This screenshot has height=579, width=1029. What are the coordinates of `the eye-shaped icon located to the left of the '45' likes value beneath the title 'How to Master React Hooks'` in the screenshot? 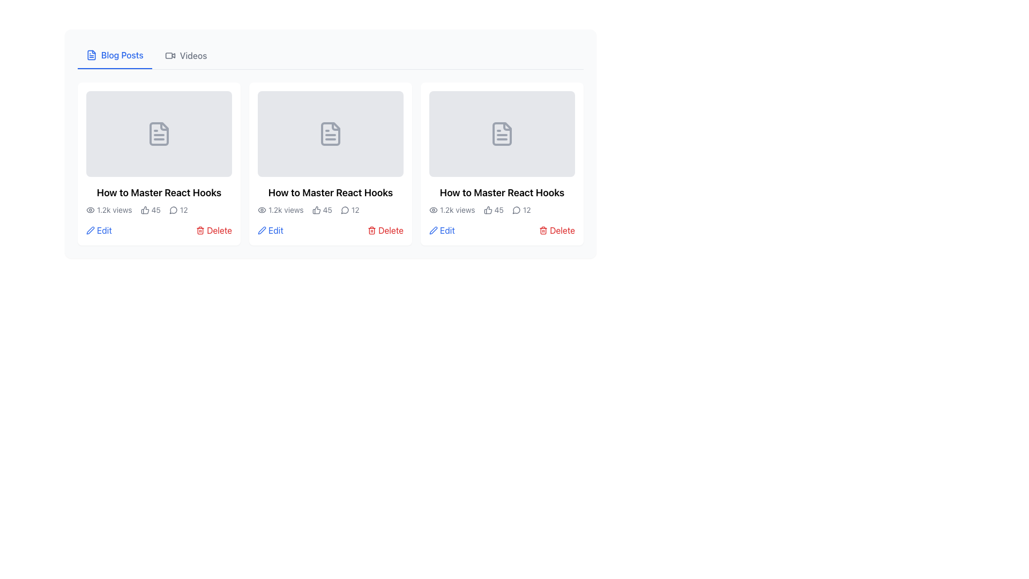 It's located at (90, 210).